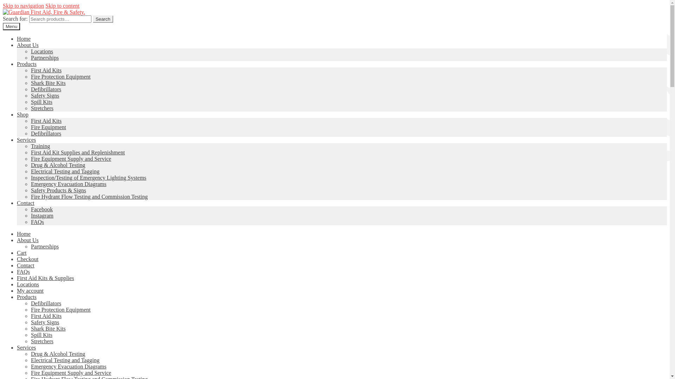 The image size is (675, 379). What do you see at coordinates (27, 45) in the screenshot?
I see `'About Us'` at bounding box center [27, 45].